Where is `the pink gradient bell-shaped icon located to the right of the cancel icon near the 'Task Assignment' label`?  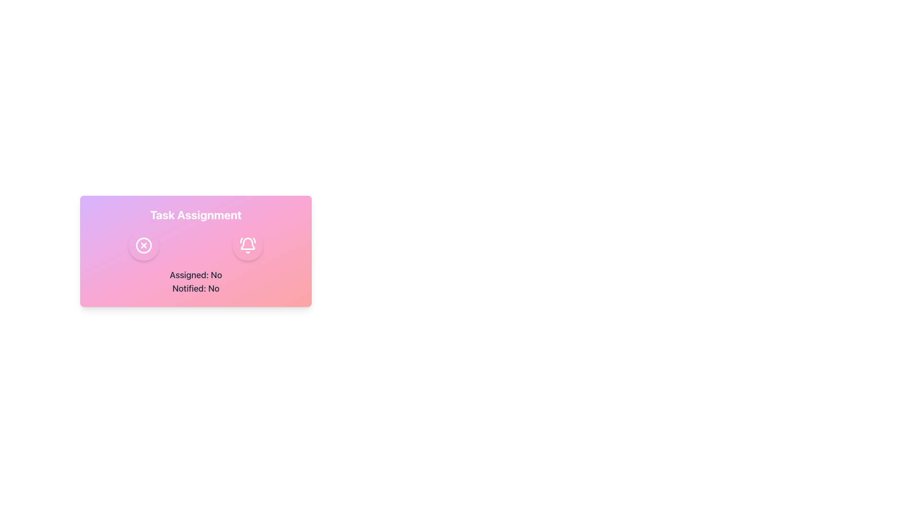 the pink gradient bell-shaped icon located to the right of the cancel icon near the 'Task Assignment' label is located at coordinates (248, 243).